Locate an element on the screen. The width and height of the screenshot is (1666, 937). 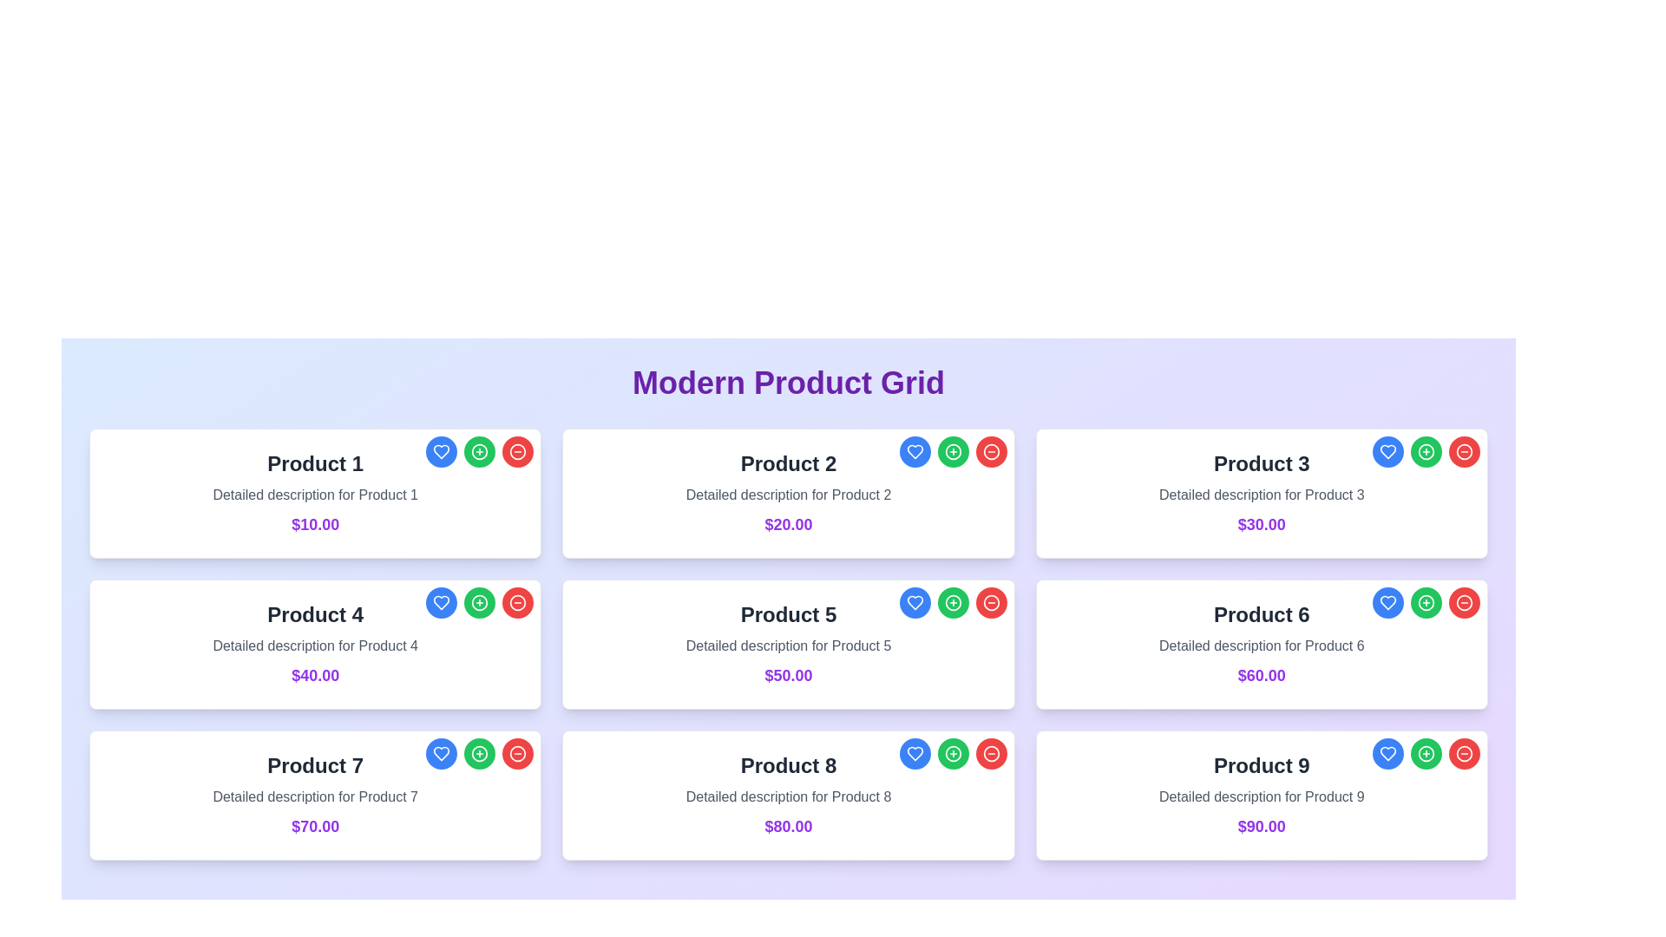
price label displaying '$10.00' in bold purple text located below the product name 'Product 1' in the first column, first row of the grid layout is located at coordinates (315, 524).